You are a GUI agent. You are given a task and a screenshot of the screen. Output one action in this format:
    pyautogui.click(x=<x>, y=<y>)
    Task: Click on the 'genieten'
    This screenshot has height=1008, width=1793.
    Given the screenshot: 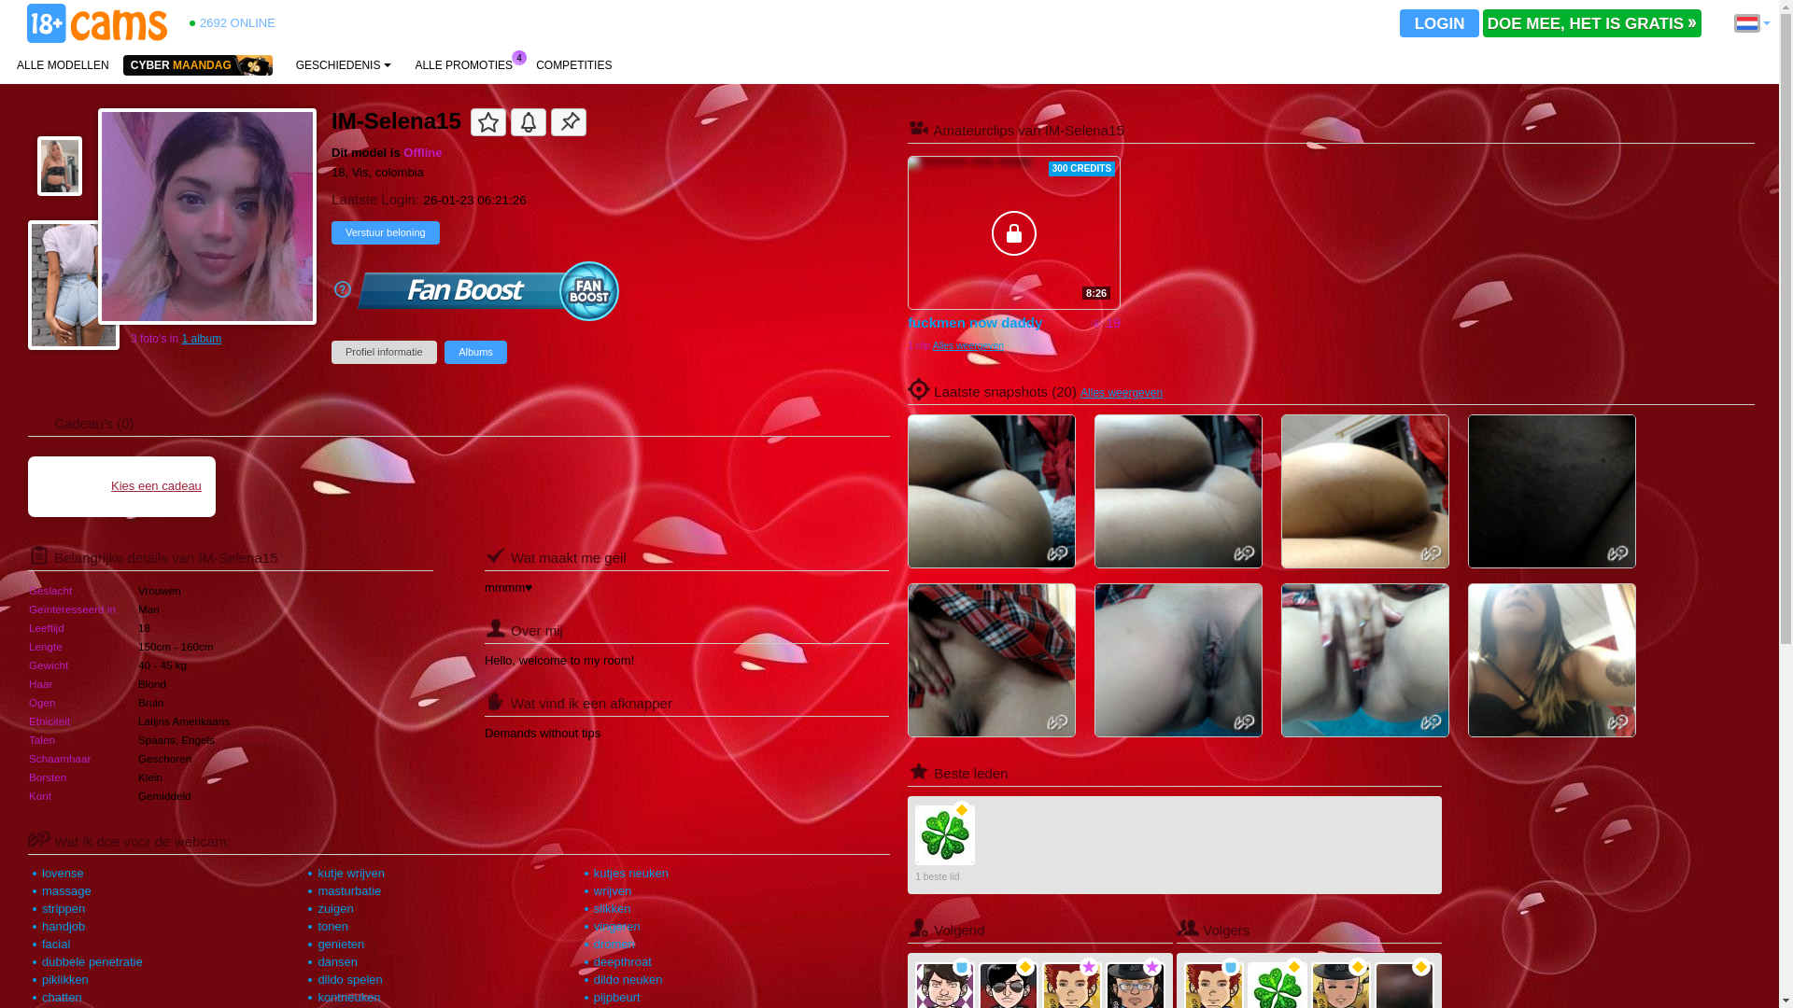 What is the action you would take?
    pyautogui.click(x=340, y=944)
    